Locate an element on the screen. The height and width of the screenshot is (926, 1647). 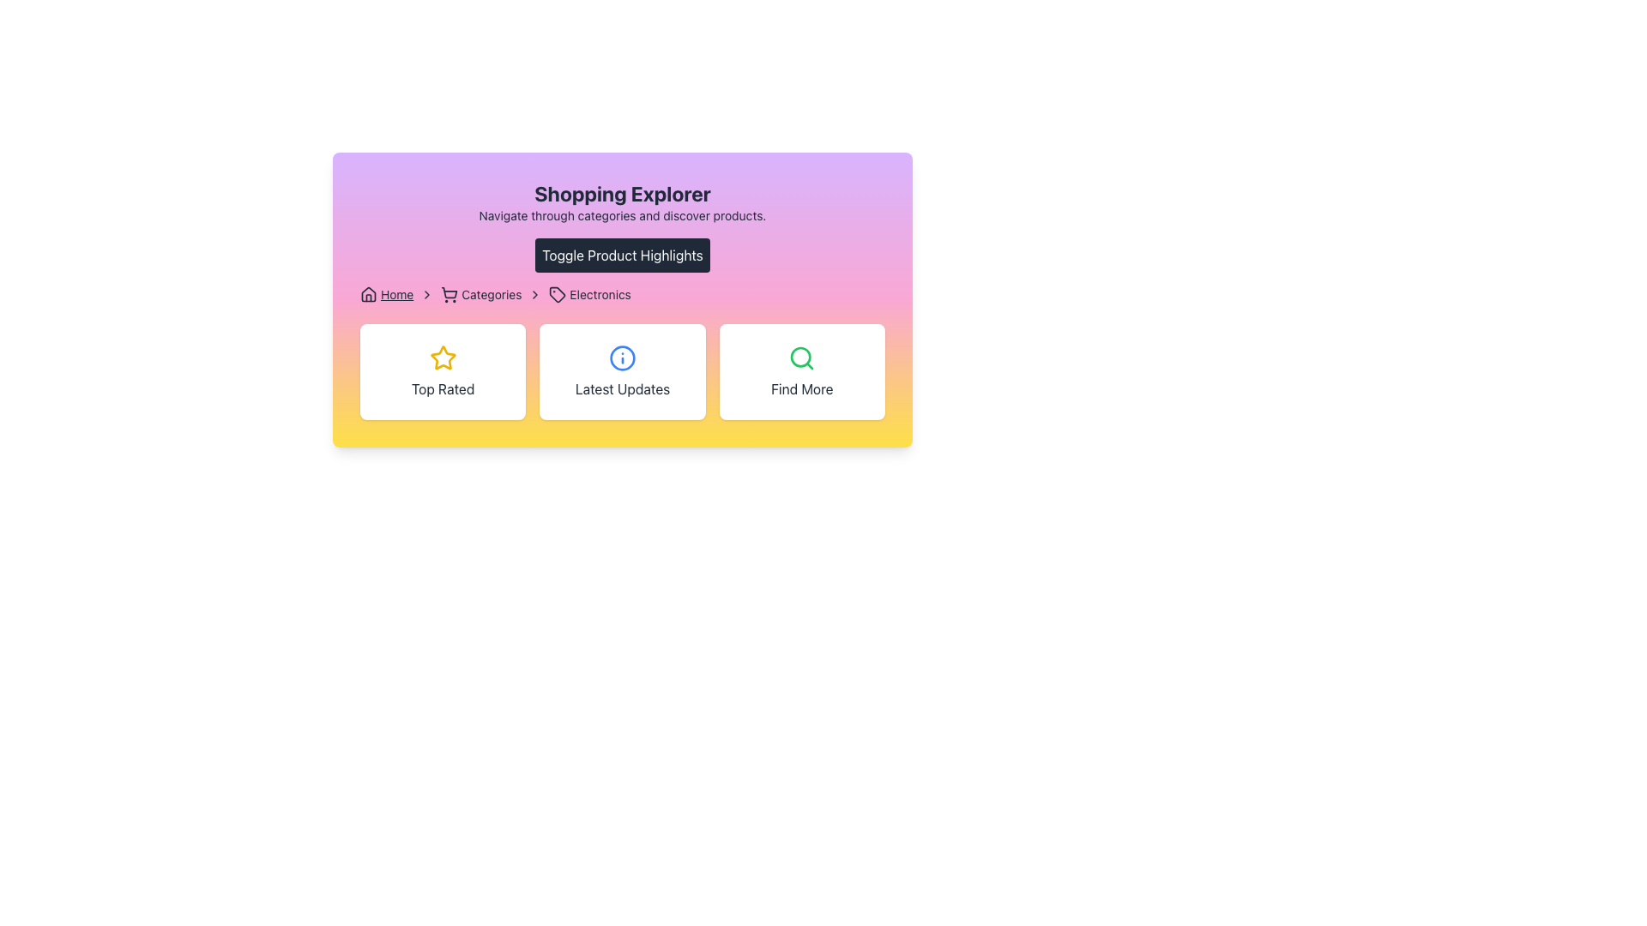
the 'top rated' icon located at the center of the card in the second row of the interface, positioned slightly above the text 'Top Rated' is located at coordinates (443, 357).